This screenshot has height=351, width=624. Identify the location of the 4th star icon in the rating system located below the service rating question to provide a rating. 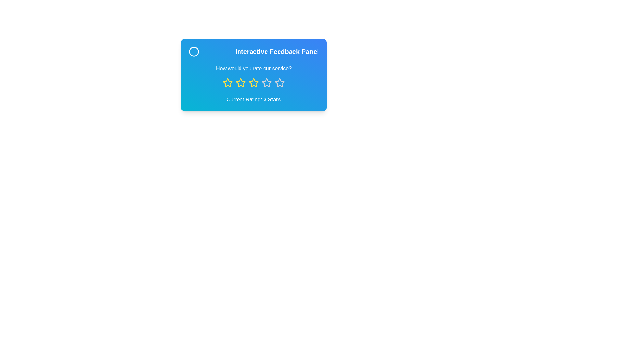
(279, 82).